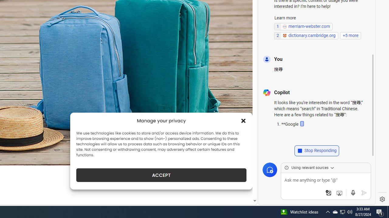 The width and height of the screenshot is (389, 218). Describe the element at coordinates (243, 121) in the screenshot. I see `'Class: cmplz-close'` at that location.